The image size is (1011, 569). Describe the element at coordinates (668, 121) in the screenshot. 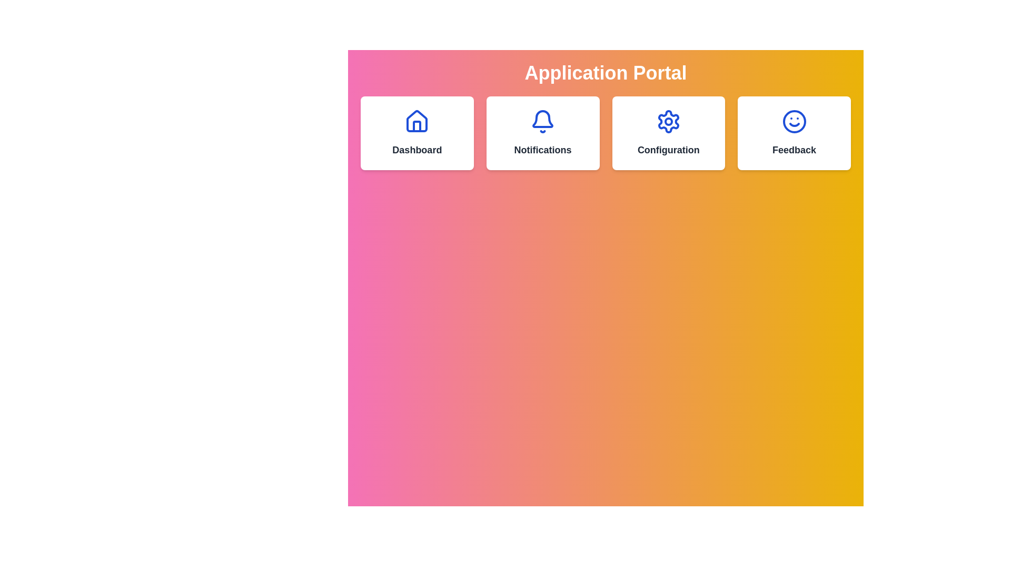

I see `the cogwheel-shaped icon located at the top center of the 'Configuration' card` at that location.